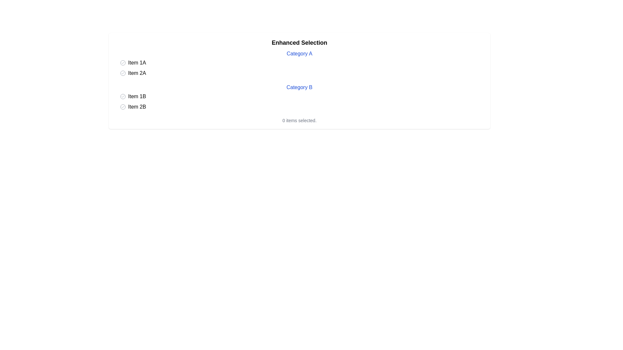  I want to click on the text label 'Item 1A' which is the first item in a vertical list, so click(137, 63).